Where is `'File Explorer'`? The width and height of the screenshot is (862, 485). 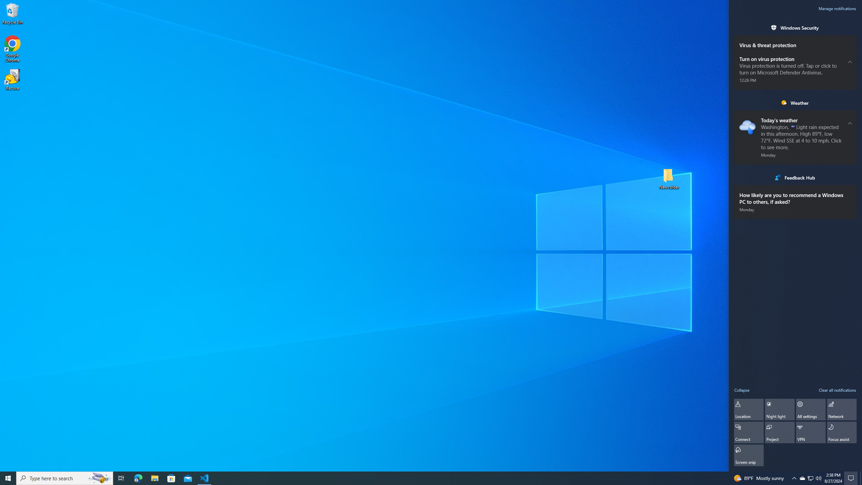
'File Explorer' is located at coordinates (154, 478).